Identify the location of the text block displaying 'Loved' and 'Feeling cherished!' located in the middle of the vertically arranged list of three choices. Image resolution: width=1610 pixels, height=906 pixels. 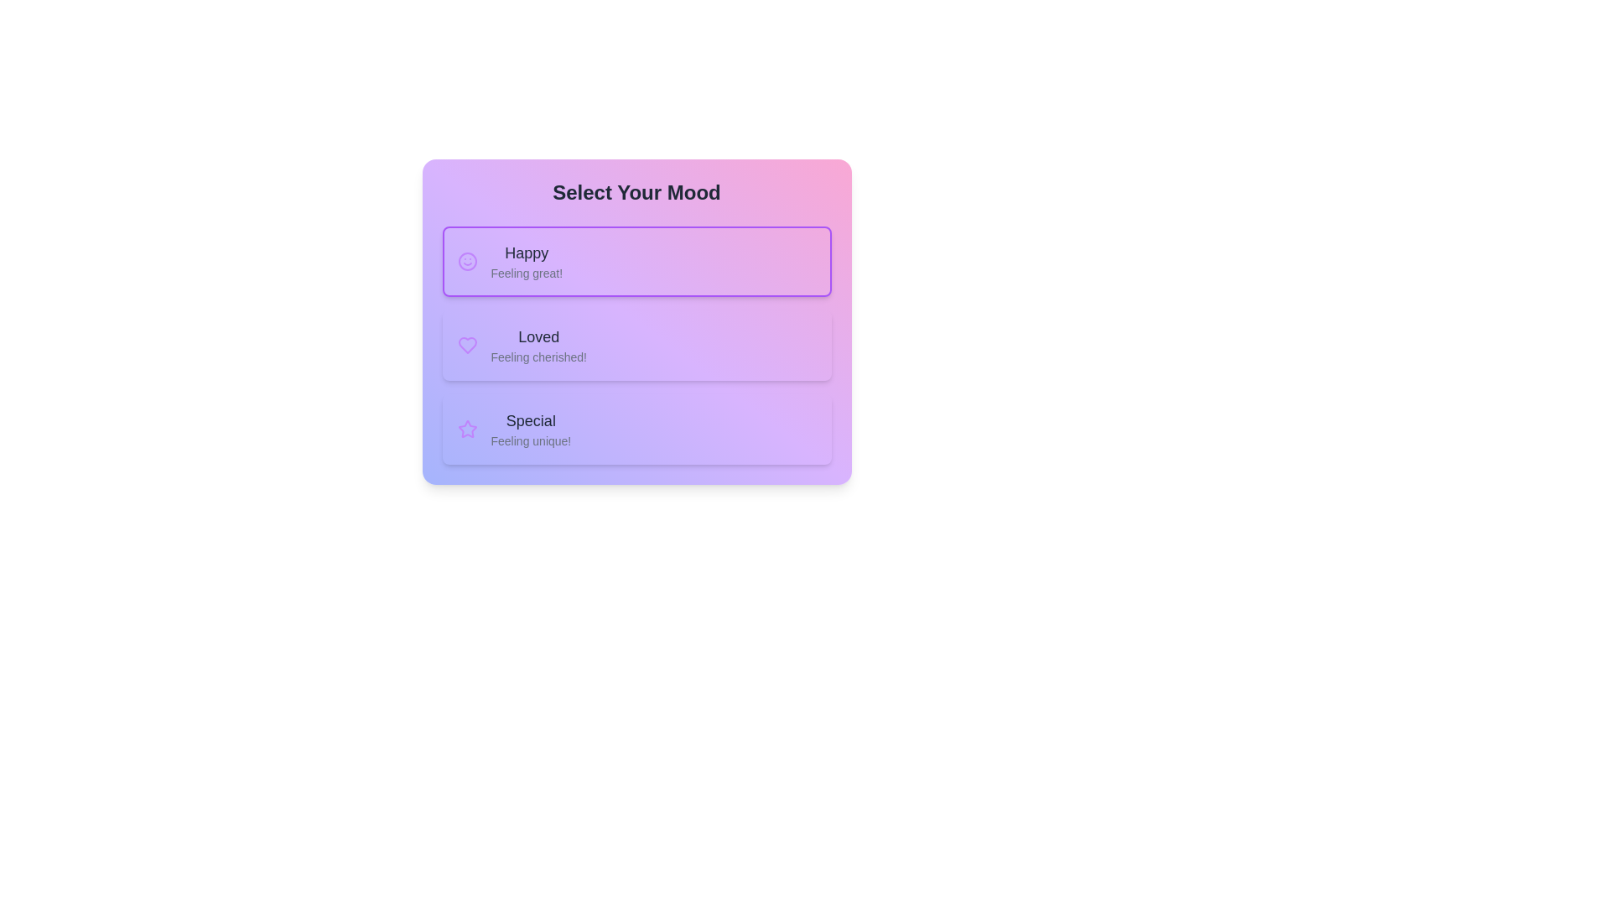
(538, 345).